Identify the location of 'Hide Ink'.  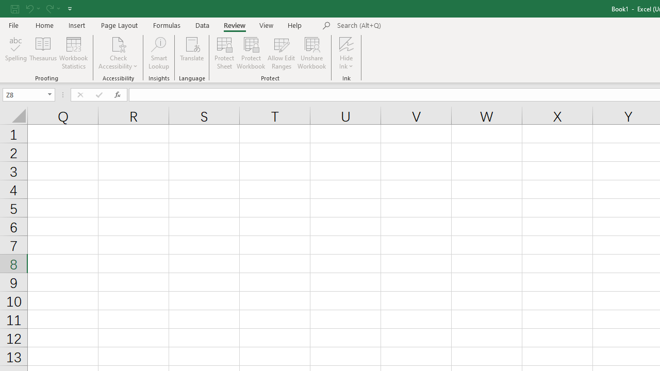
(346, 43).